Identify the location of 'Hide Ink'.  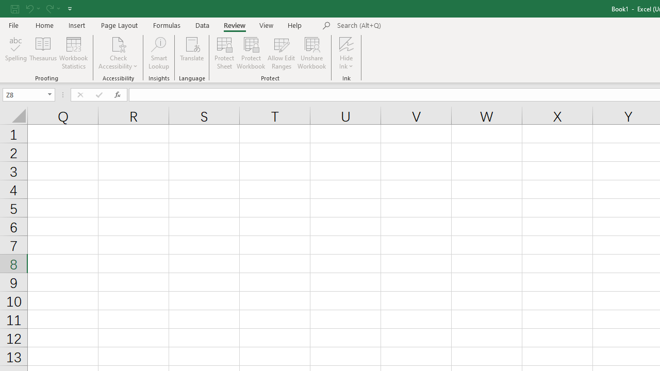
(346, 43).